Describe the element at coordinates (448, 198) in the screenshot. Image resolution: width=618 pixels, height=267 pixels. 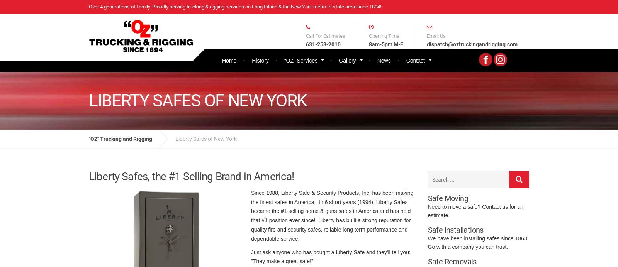
I see `'Safe Moving'` at that location.